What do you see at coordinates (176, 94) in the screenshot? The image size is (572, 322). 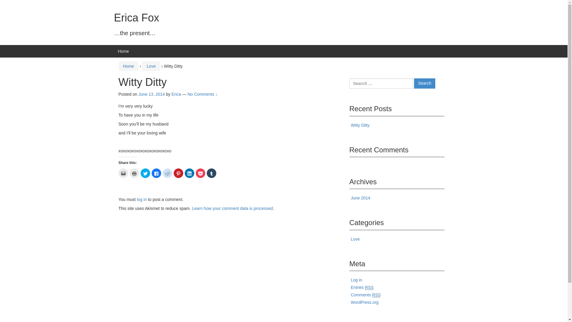 I see `'Erica'` at bounding box center [176, 94].